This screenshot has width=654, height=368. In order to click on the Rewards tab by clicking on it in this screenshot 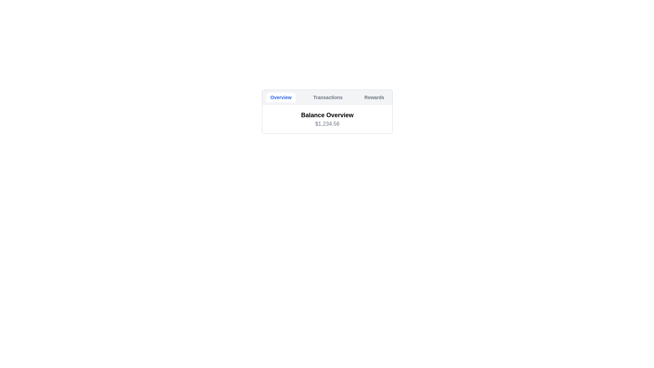, I will do `click(374, 97)`.